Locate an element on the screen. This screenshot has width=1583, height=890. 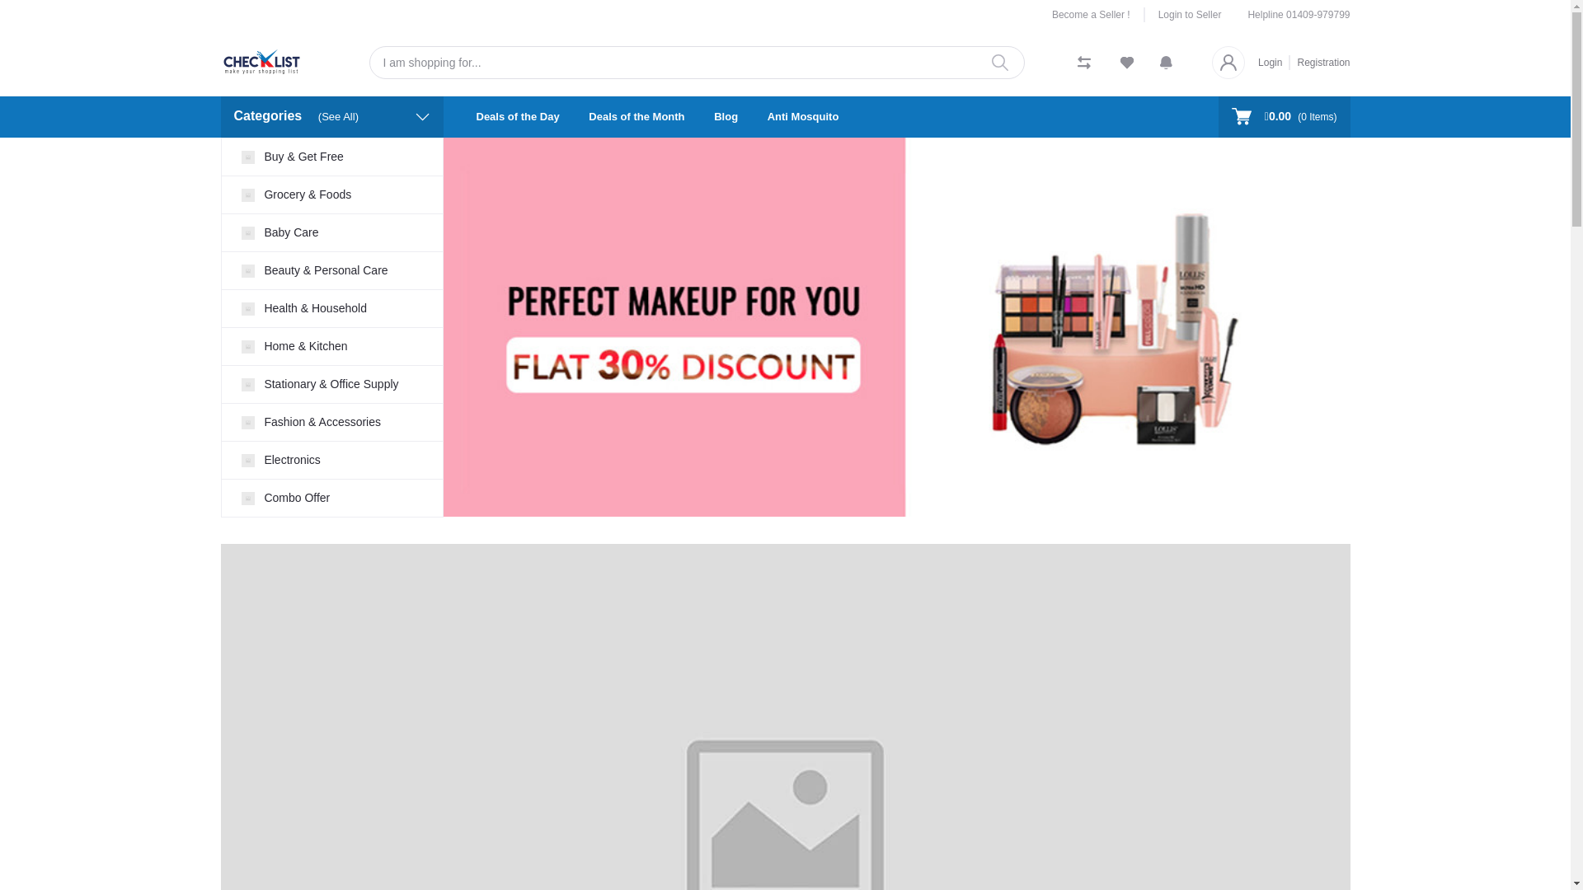
'Anti Mosquito' is located at coordinates (803, 116).